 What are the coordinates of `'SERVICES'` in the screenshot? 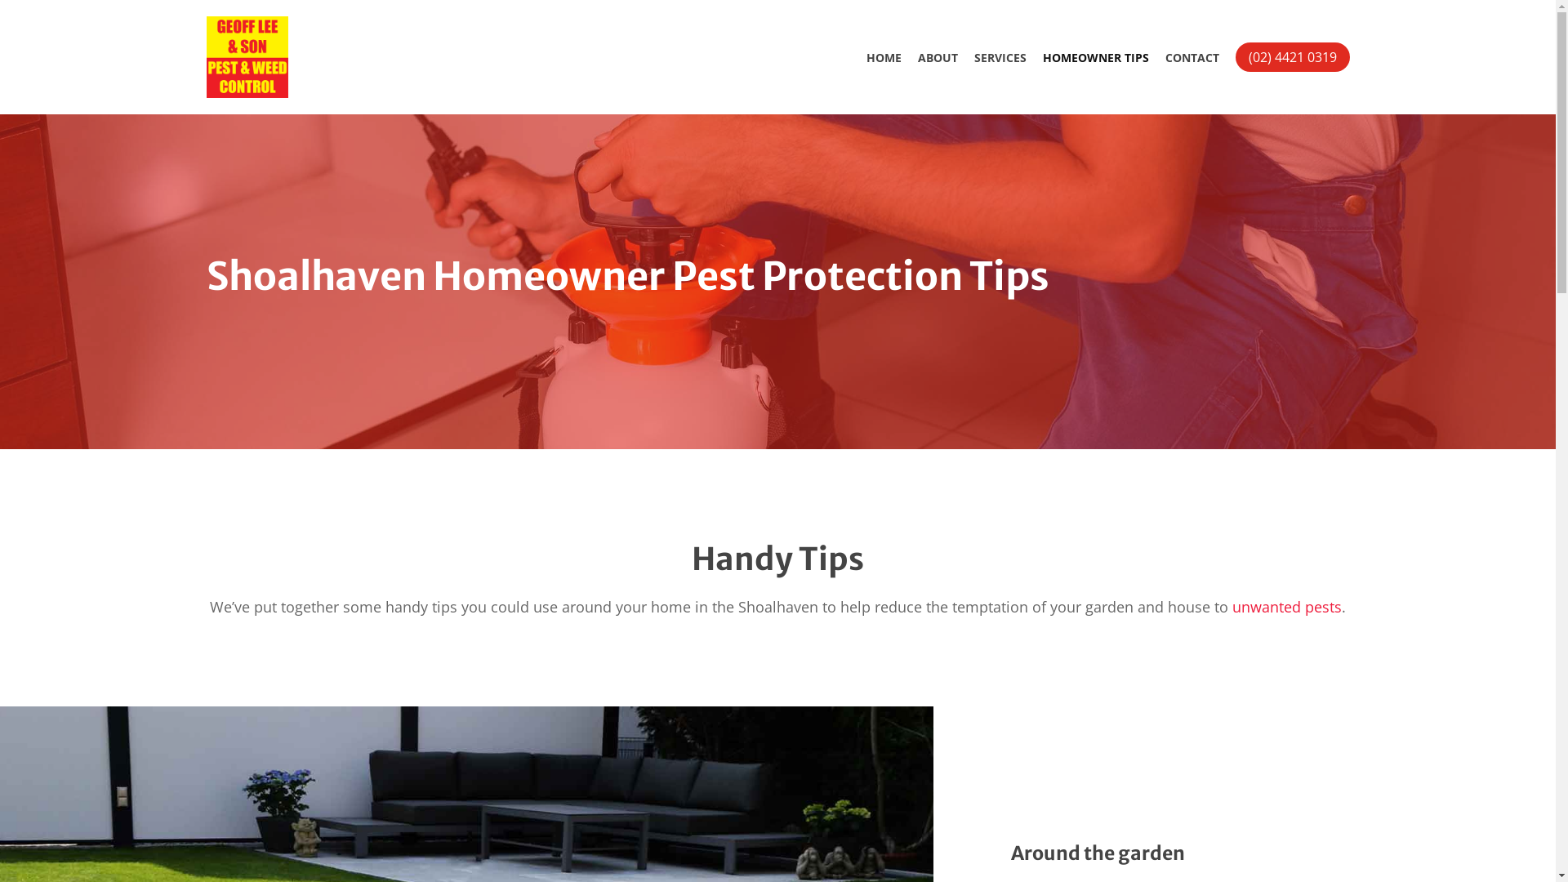 It's located at (999, 56).